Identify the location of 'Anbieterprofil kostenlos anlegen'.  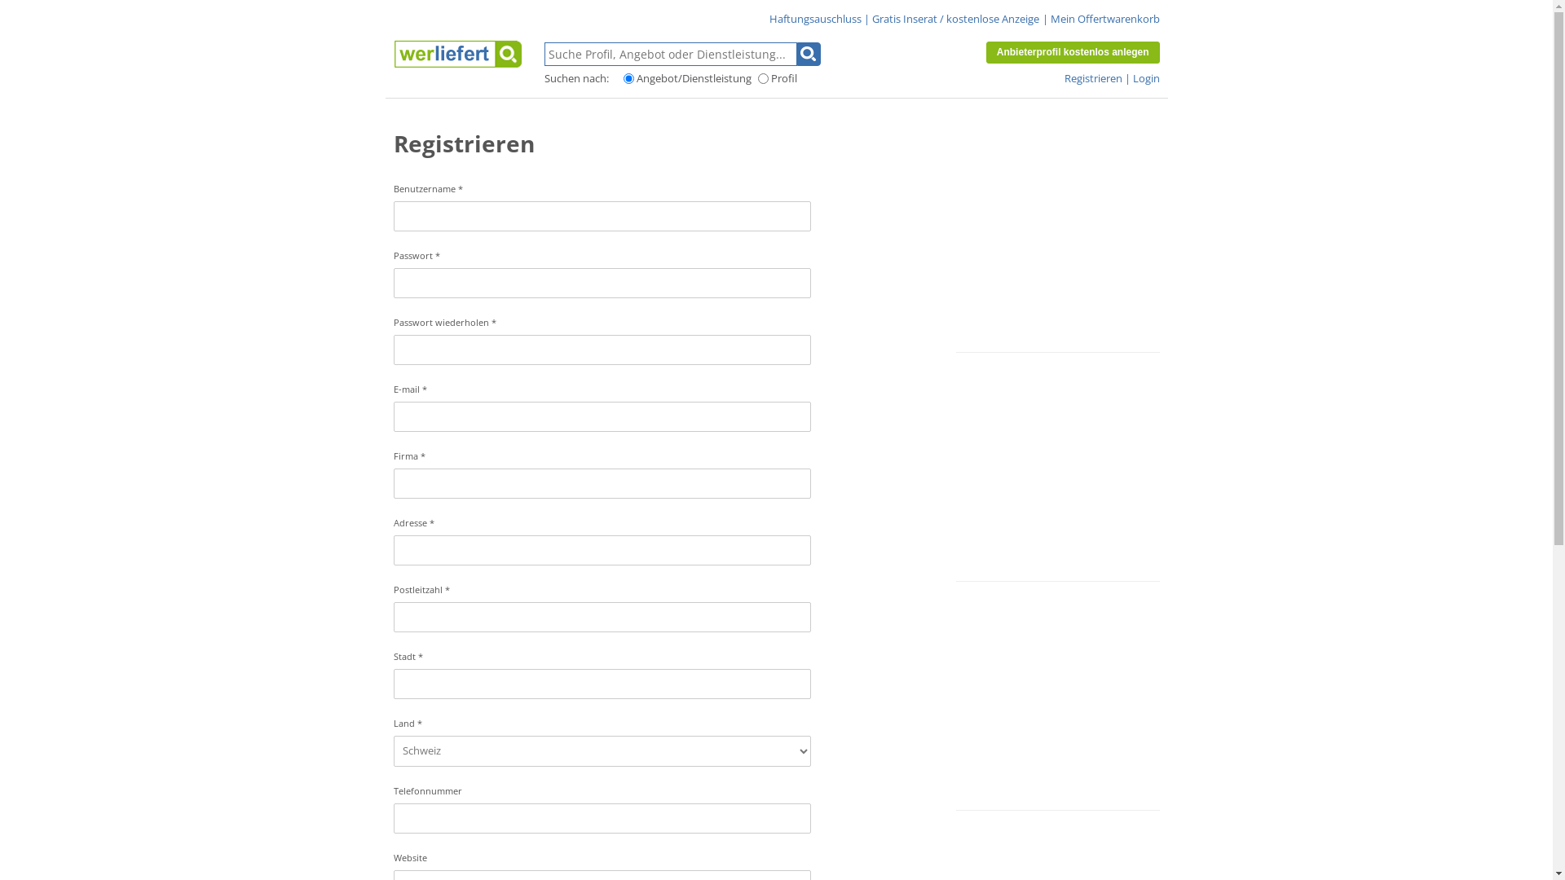
(1073, 51).